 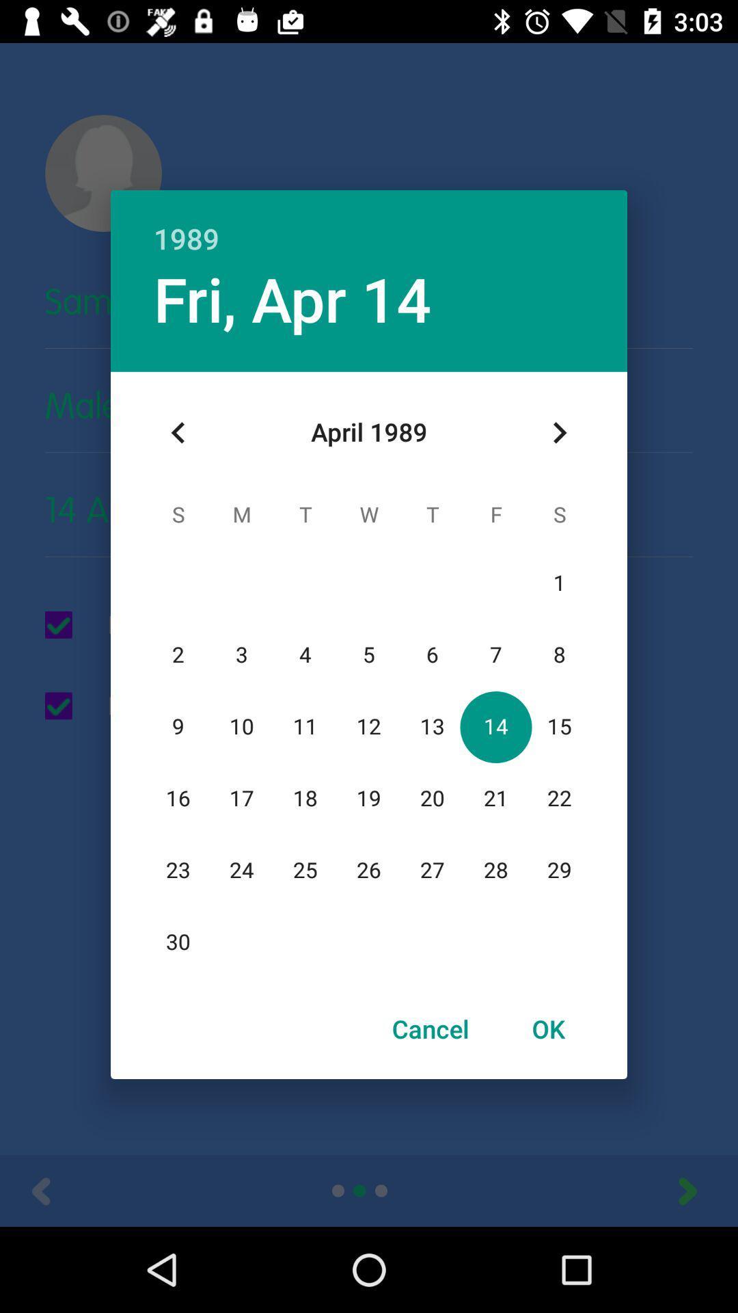 I want to click on icon below the 1989 item, so click(x=559, y=432).